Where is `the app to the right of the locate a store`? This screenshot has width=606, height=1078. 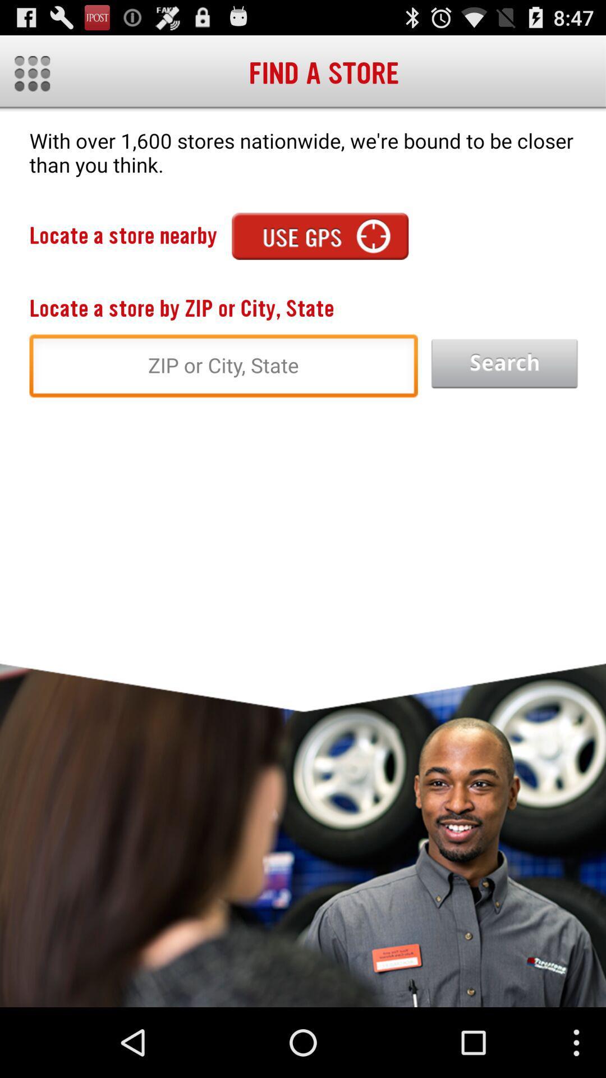 the app to the right of the locate a store is located at coordinates (320, 235).